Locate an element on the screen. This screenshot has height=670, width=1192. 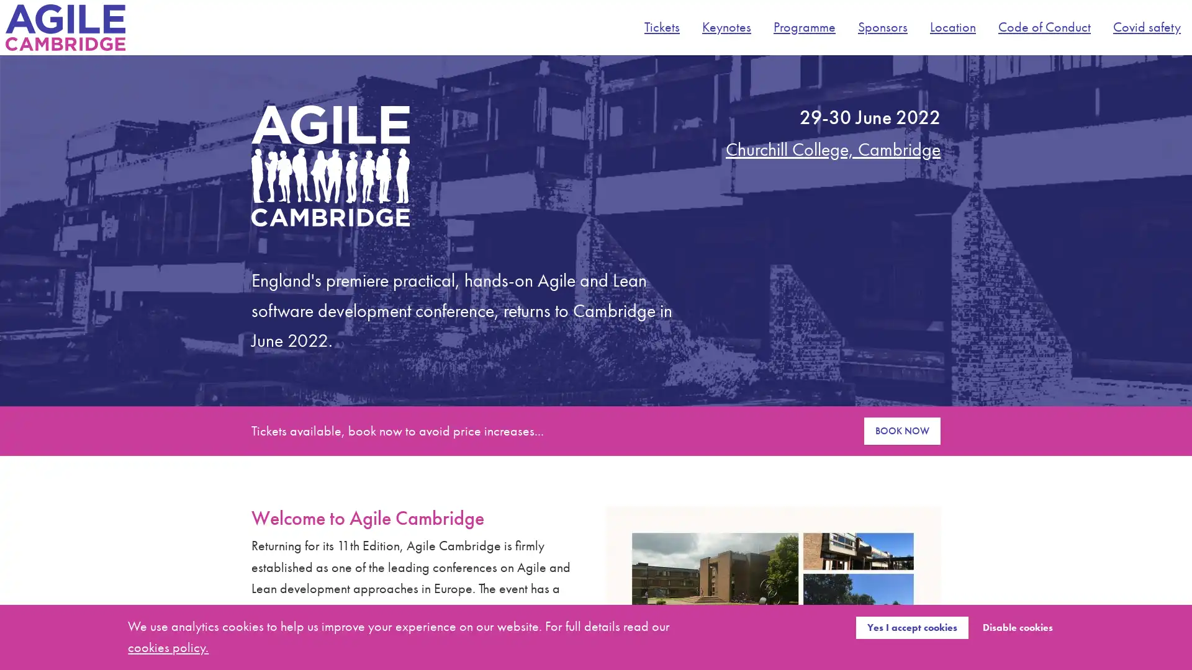
Disable cookies is located at coordinates (1017, 627).